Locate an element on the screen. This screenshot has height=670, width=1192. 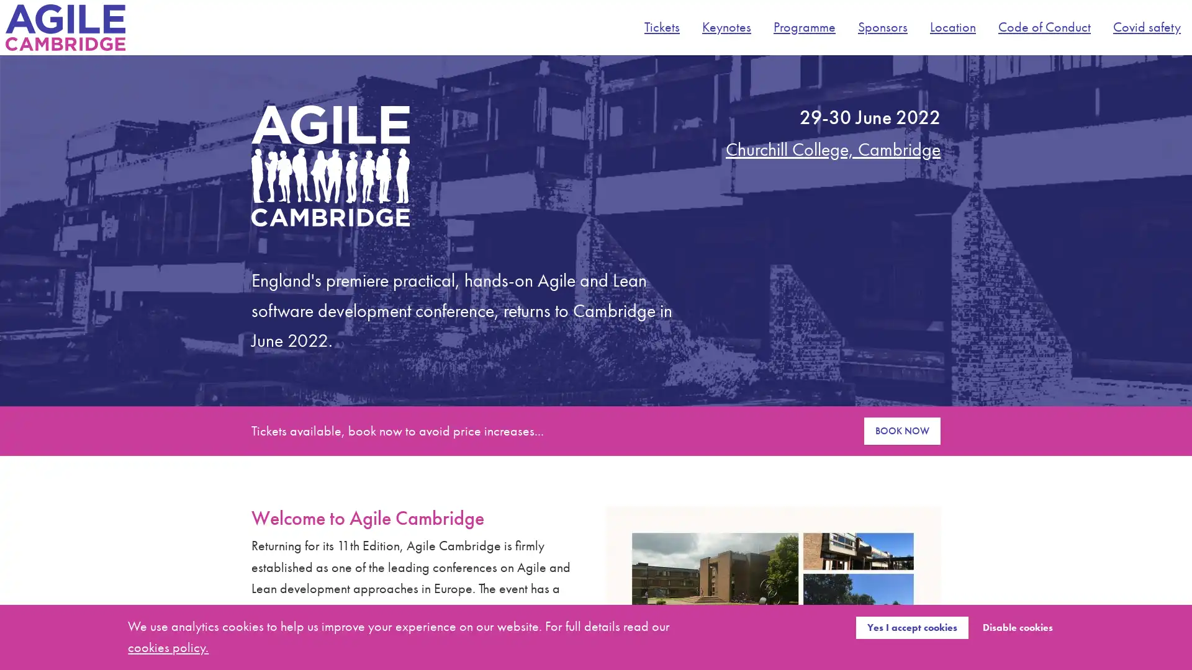
Disable cookies is located at coordinates (1017, 627).